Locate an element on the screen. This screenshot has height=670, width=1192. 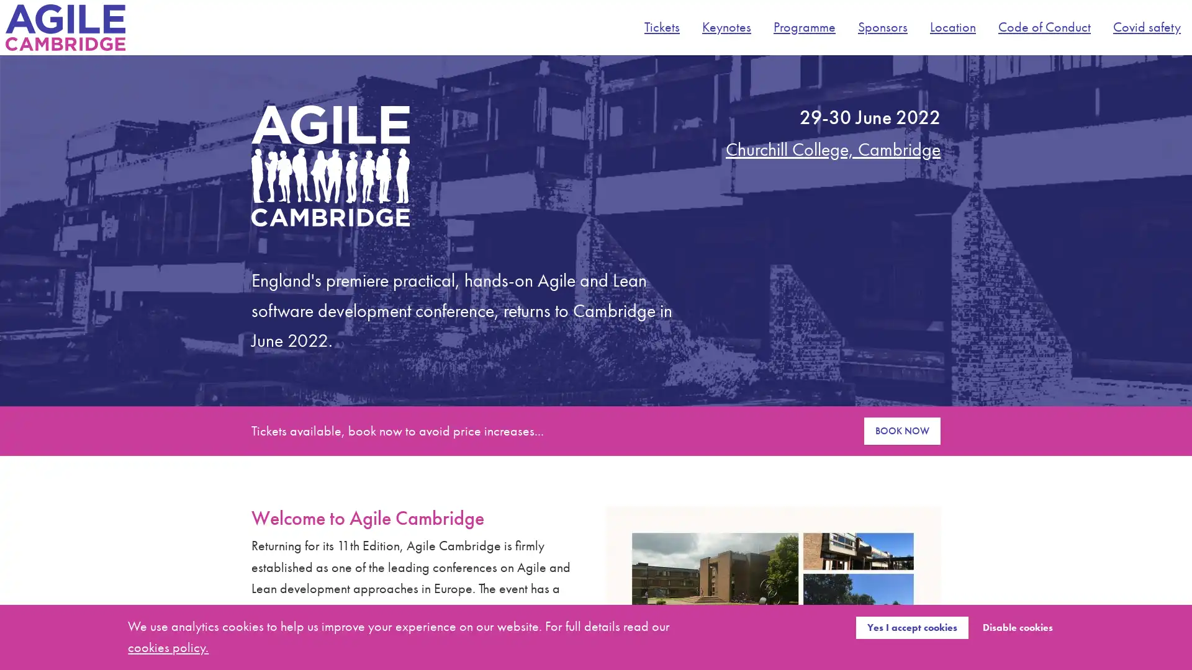
Disable cookies is located at coordinates (1017, 627).